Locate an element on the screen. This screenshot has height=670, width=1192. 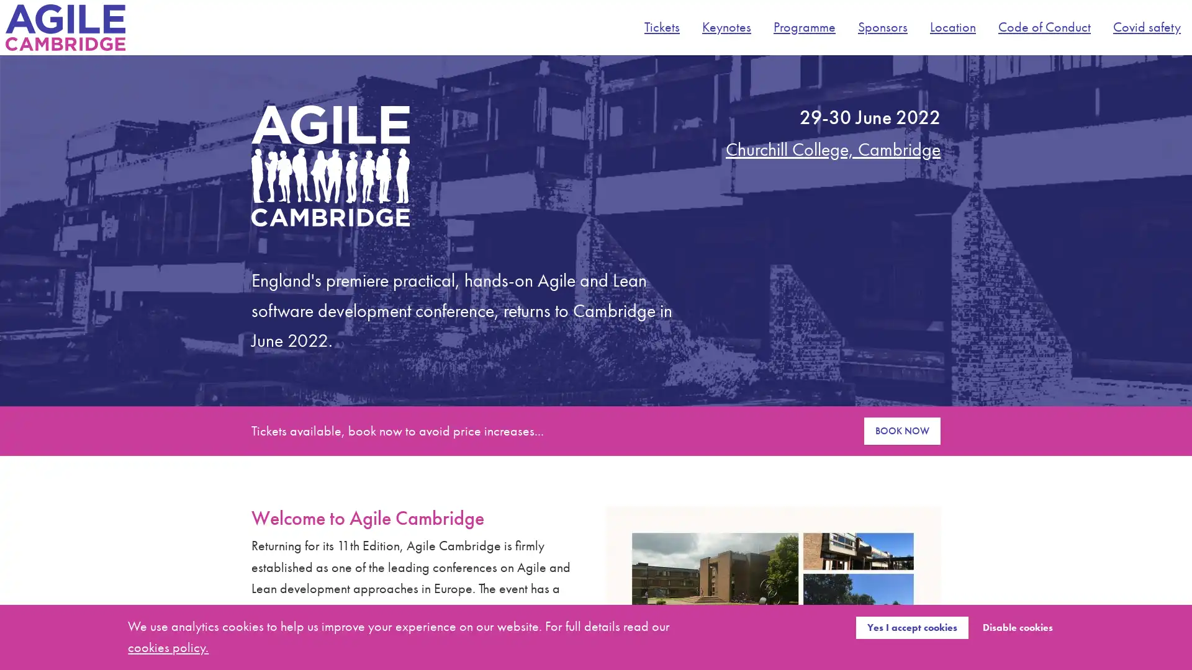
Disable cookies is located at coordinates (1017, 627).